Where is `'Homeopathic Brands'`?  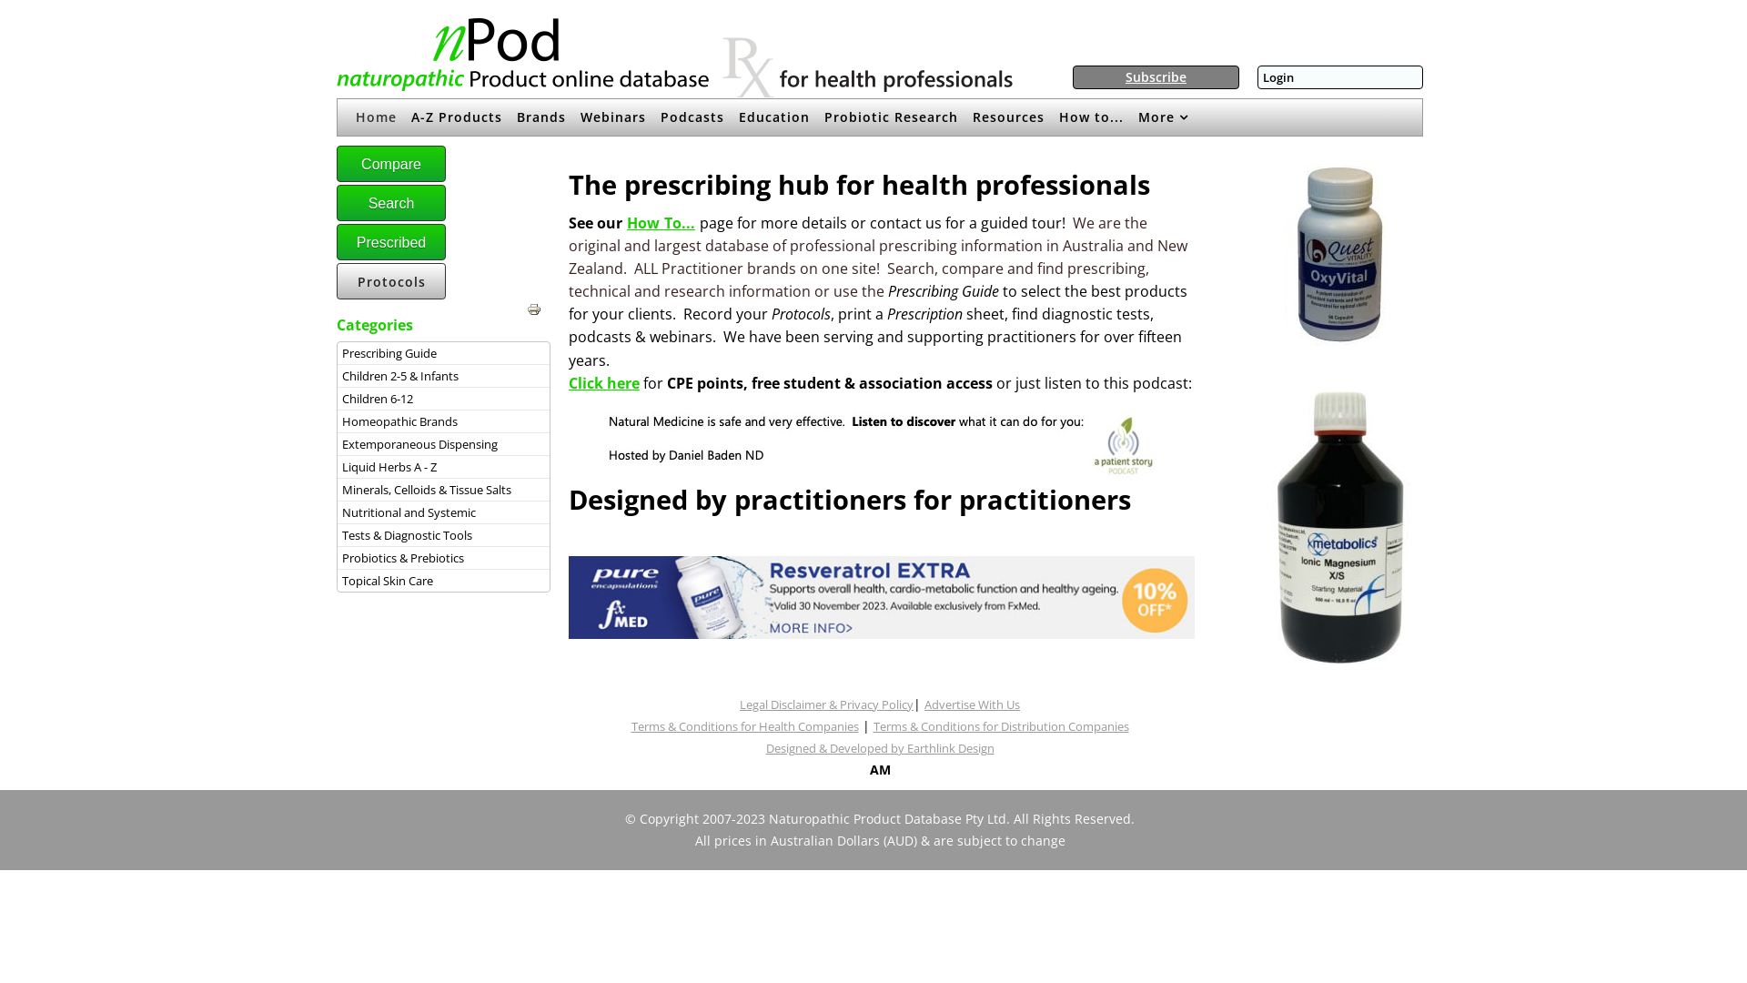
'Homeopathic Brands' is located at coordinates (443, 421).